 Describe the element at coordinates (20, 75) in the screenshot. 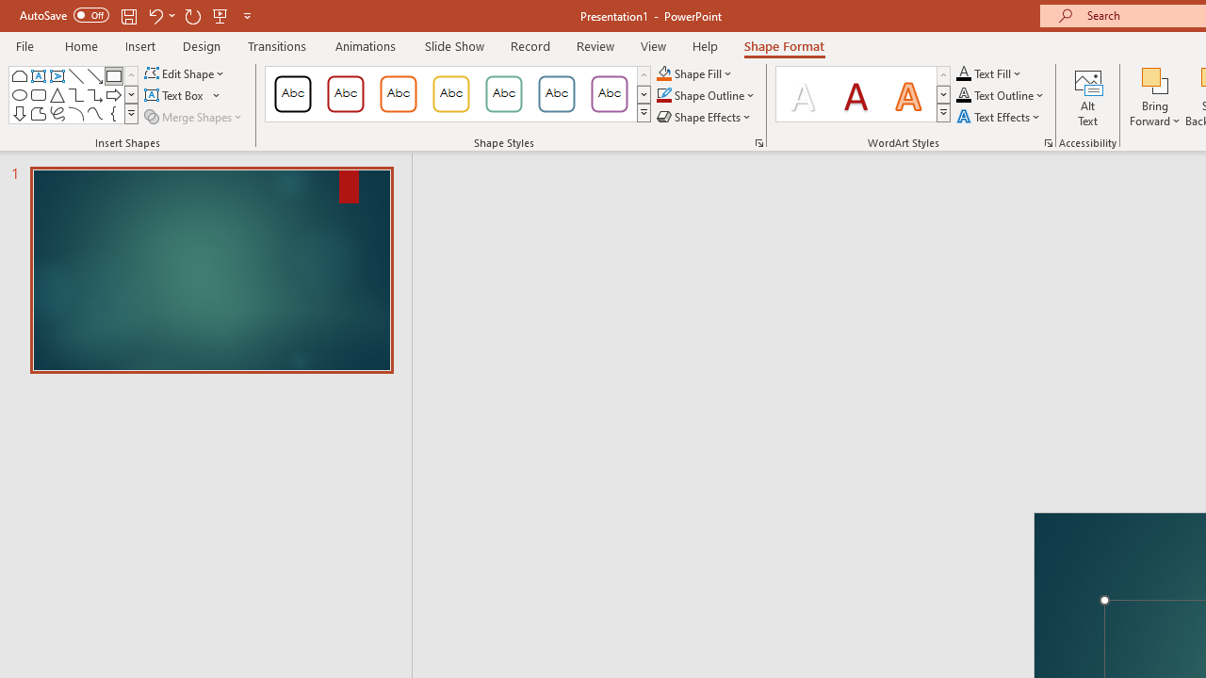

I see `'Rectangle: Top Corners Snipped'` at that location.